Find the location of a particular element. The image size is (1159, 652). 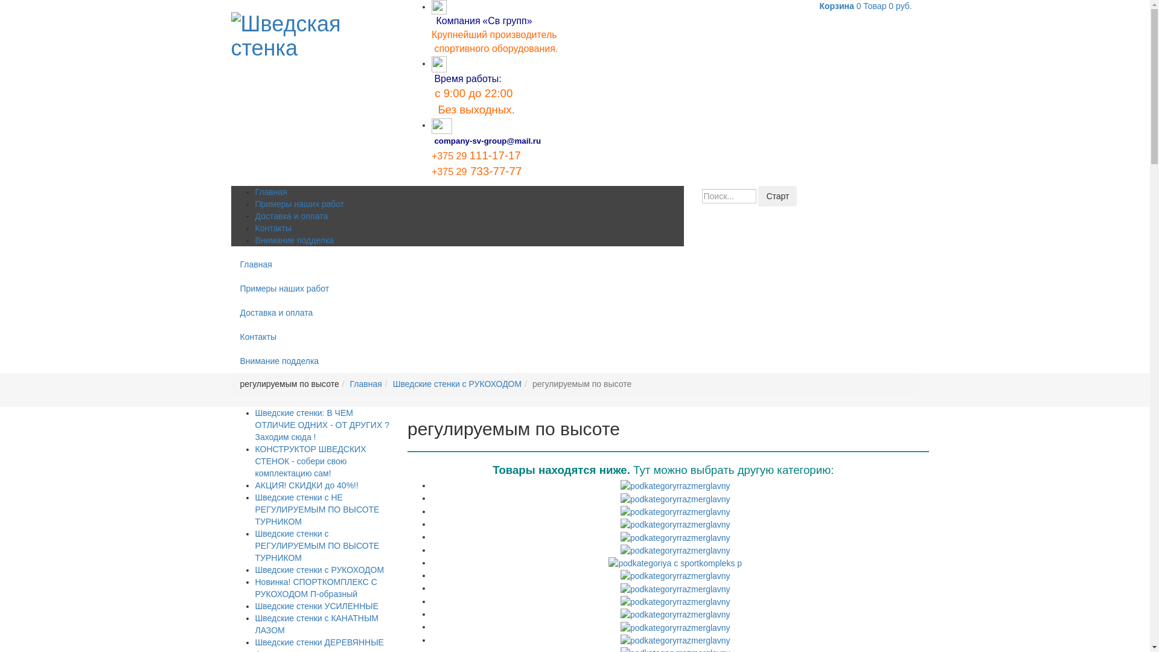

'+375 29 111-17-17' is located at coordinates (475, 156).